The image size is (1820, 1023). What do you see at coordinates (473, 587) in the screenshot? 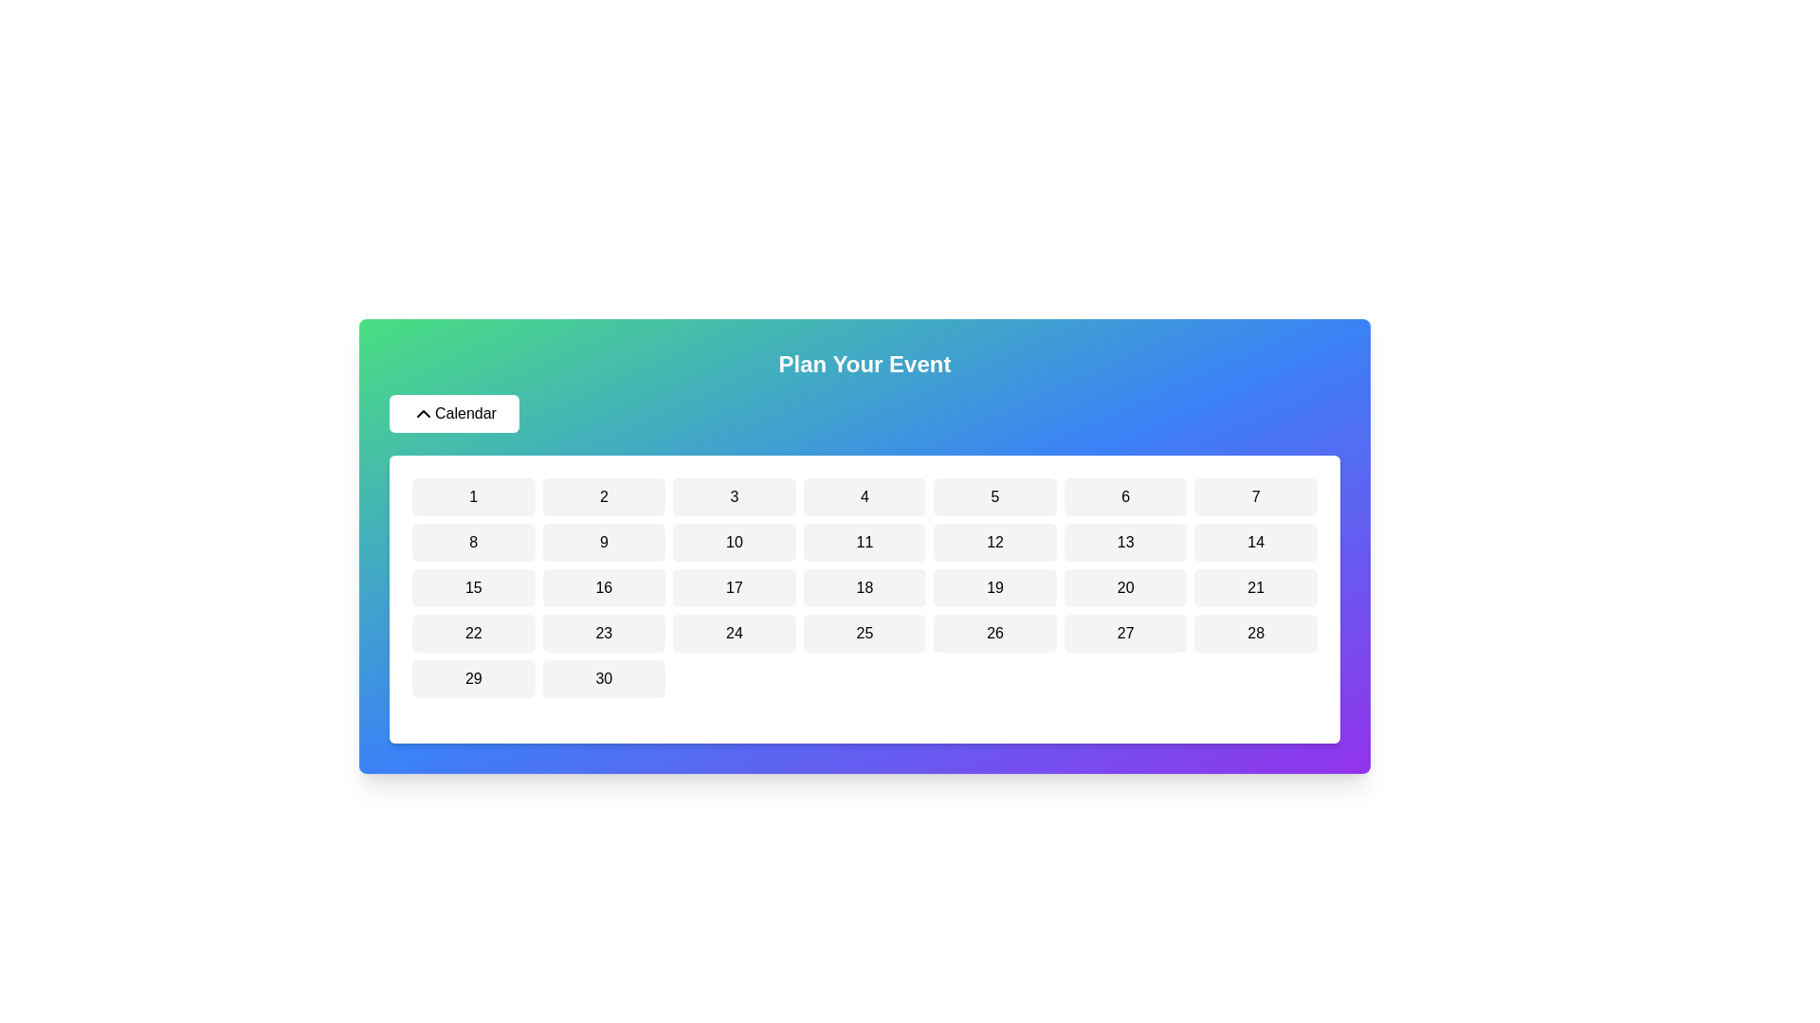
I see `the button that allows users to select the date '15' for scheduling purposes, positioned as the first item of the third row in a 7-column grid layout` at bounding box center [473, 587].